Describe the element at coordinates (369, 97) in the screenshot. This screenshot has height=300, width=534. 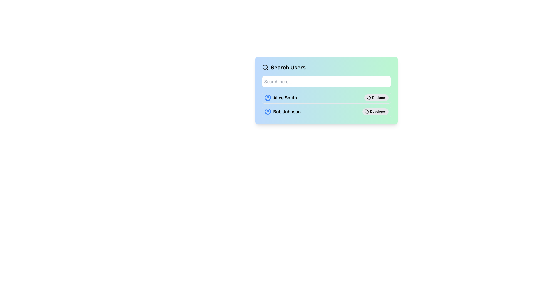
I see `the 'Designer' icon next to the text 'Designer' in Alice Smith's user listing card, which is the first icon in the sequence of similar icons` at that location.